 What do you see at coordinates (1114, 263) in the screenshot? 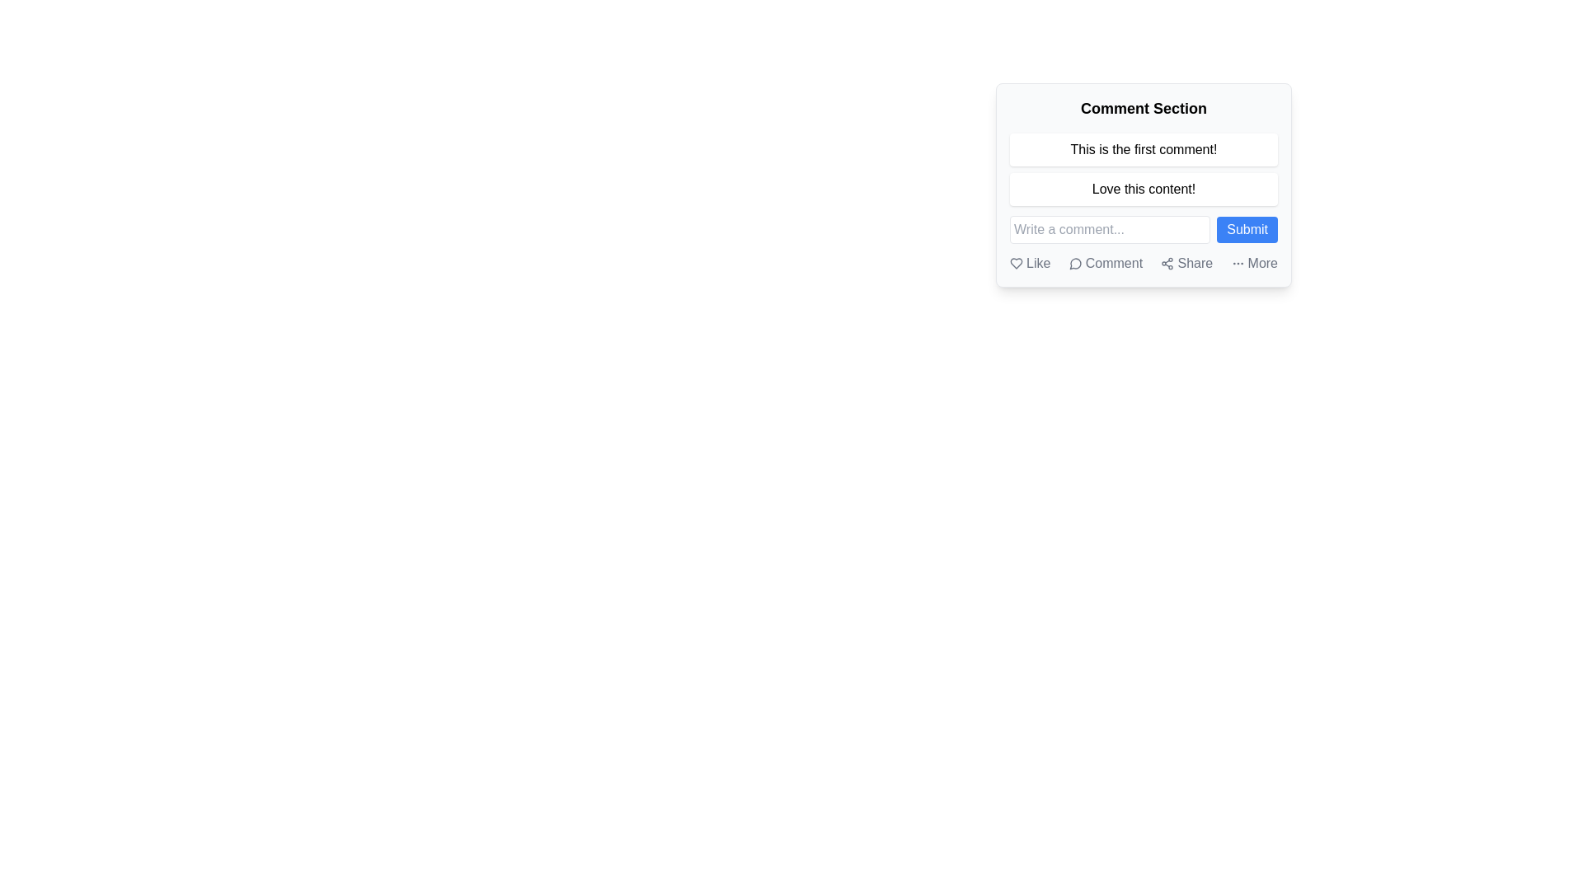
I see `the 'Comment' text label, which indicates the purpose of the associated comment icon in the bottom row of the interactive section` at bounding box center [1114, 263].